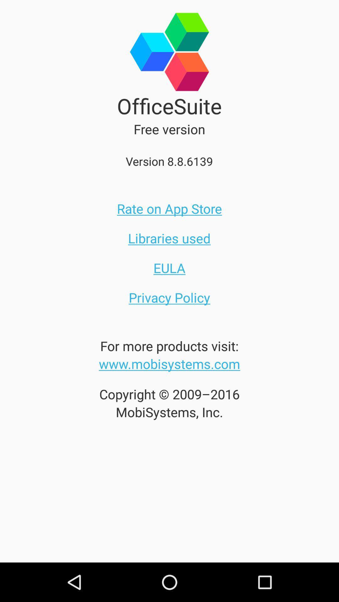  Describe the element at coordinates (169, 268) in the screenshot. I see `eula` at that location.